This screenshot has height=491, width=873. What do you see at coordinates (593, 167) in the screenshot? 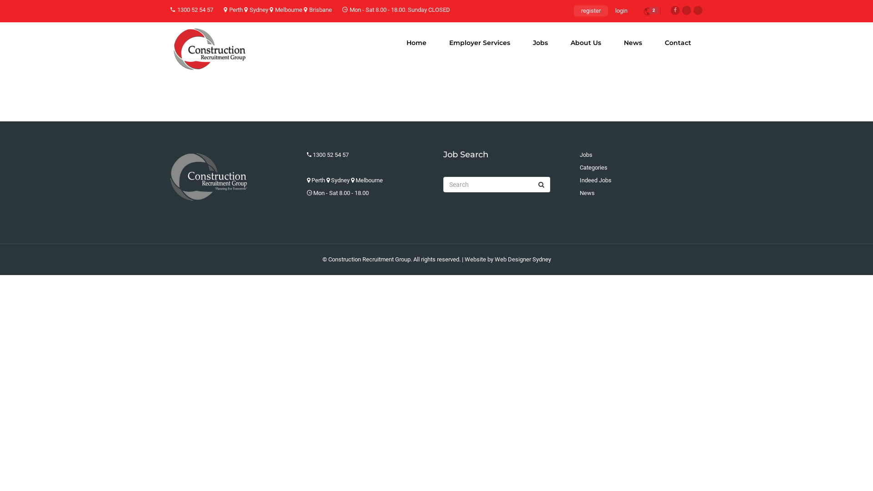
I see `'Categories'` at bounding box center [593, 167].